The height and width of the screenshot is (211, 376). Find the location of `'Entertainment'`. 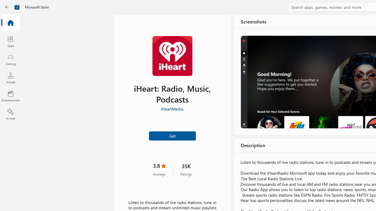

'Entertainment' is located at coordinates (10, 96).